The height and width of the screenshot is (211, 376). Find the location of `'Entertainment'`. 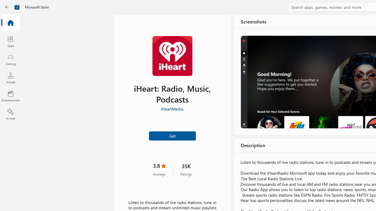

'Entertainment' is located at coordinates (10, 96).